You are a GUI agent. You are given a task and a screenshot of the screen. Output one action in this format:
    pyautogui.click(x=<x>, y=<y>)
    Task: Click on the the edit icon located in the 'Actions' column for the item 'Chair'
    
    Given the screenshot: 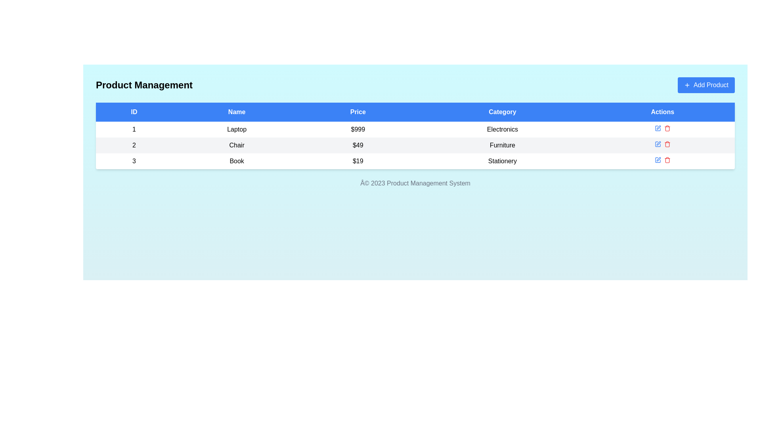 What is the action you would take?
    pyautogui.click(x=658, y=144)
    